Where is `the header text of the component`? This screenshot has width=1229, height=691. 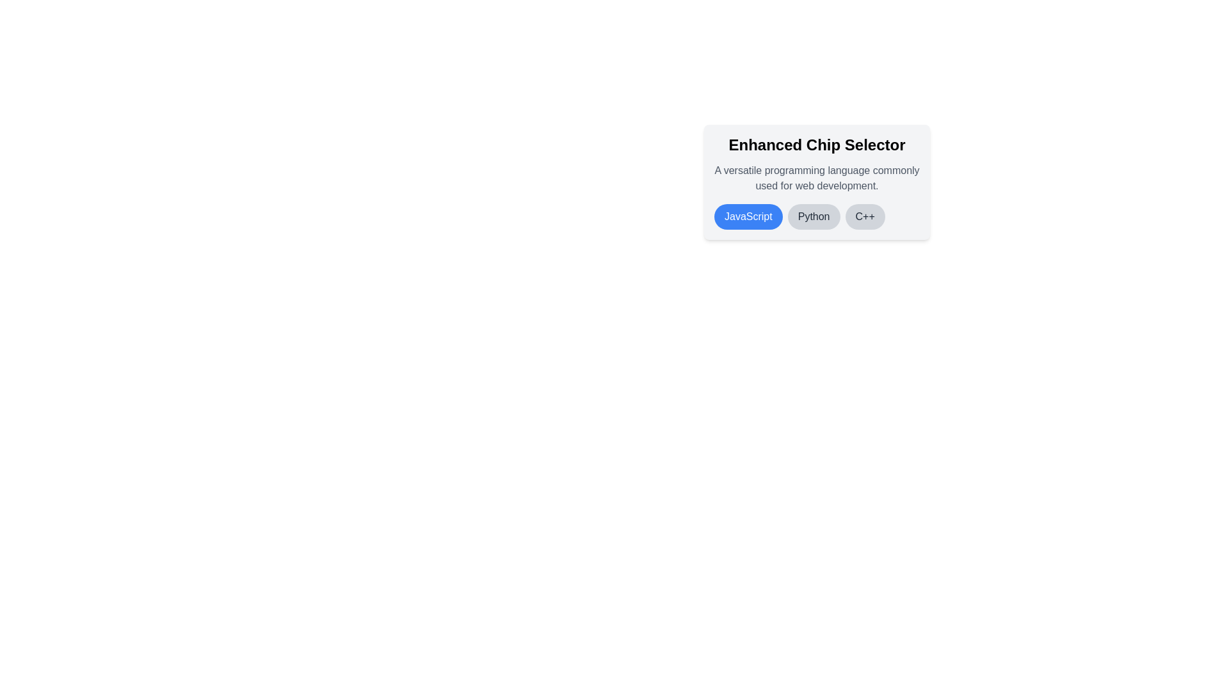
the header text of the component is located at coordinates (816, 145).